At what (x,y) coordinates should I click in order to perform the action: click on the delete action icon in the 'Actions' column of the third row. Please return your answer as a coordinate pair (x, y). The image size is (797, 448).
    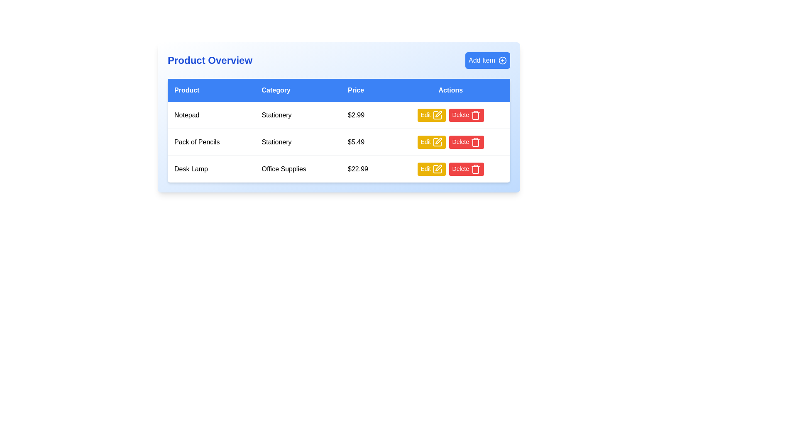
    Looking at the image, I should click on (475, 142).